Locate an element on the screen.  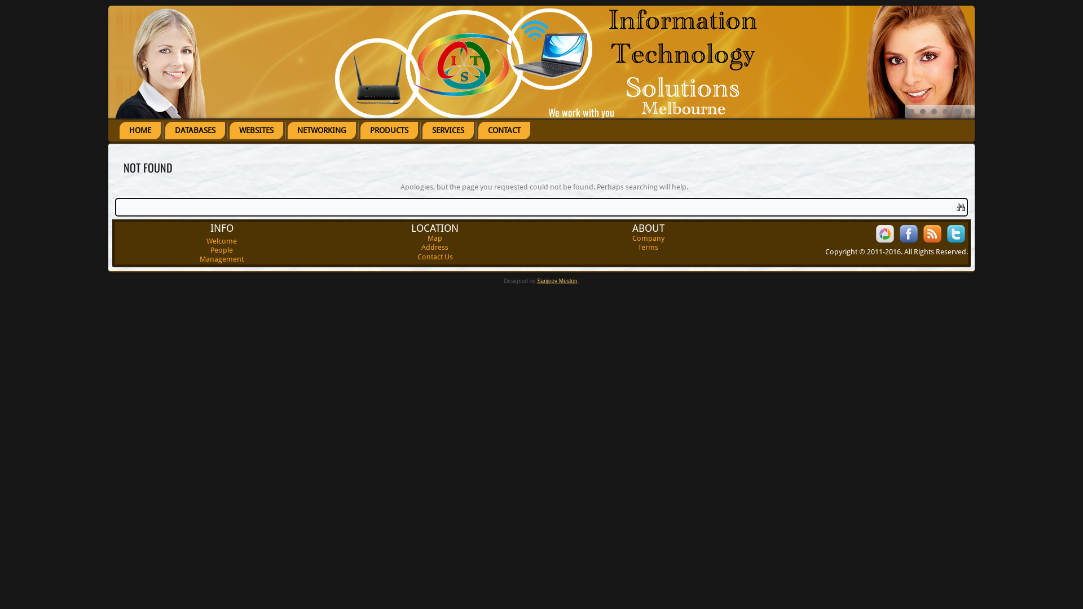
'Management' is located at coordinates (222, 259).